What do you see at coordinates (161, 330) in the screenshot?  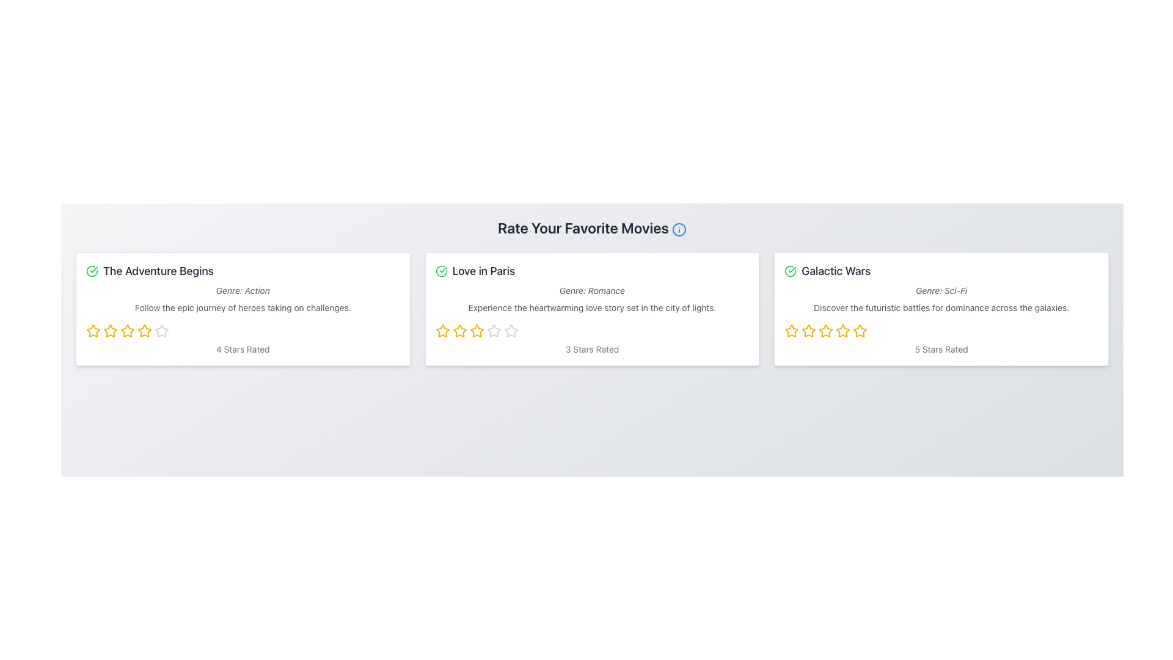 I see `the fourth star icon for rating in the movie 'The Adventure Begins'` at bounding box center [161, 330].